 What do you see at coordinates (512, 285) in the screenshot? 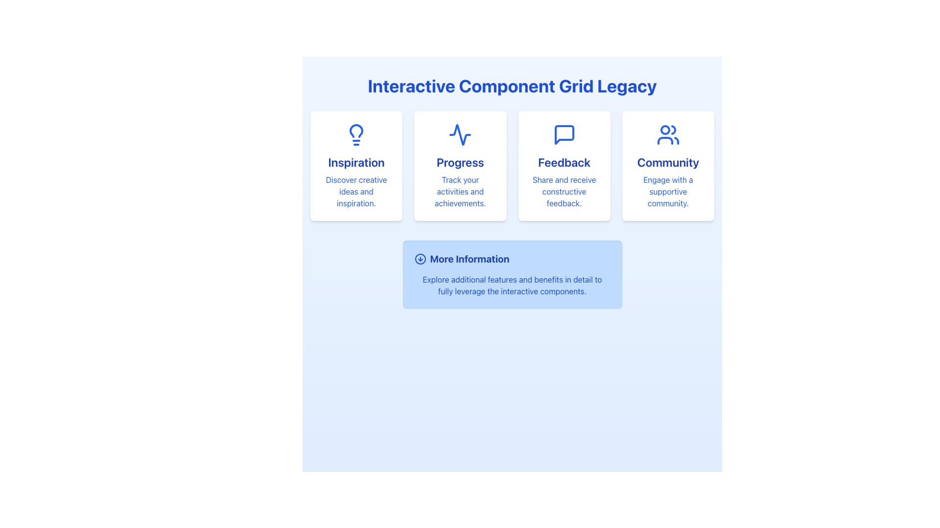
I see `the blue text element that displays the message 'Explore additional features and benefits in detail to fully leverage the interactive components.' which is located below the 'More Information' heading and icon` at bounding box center [512, 285].